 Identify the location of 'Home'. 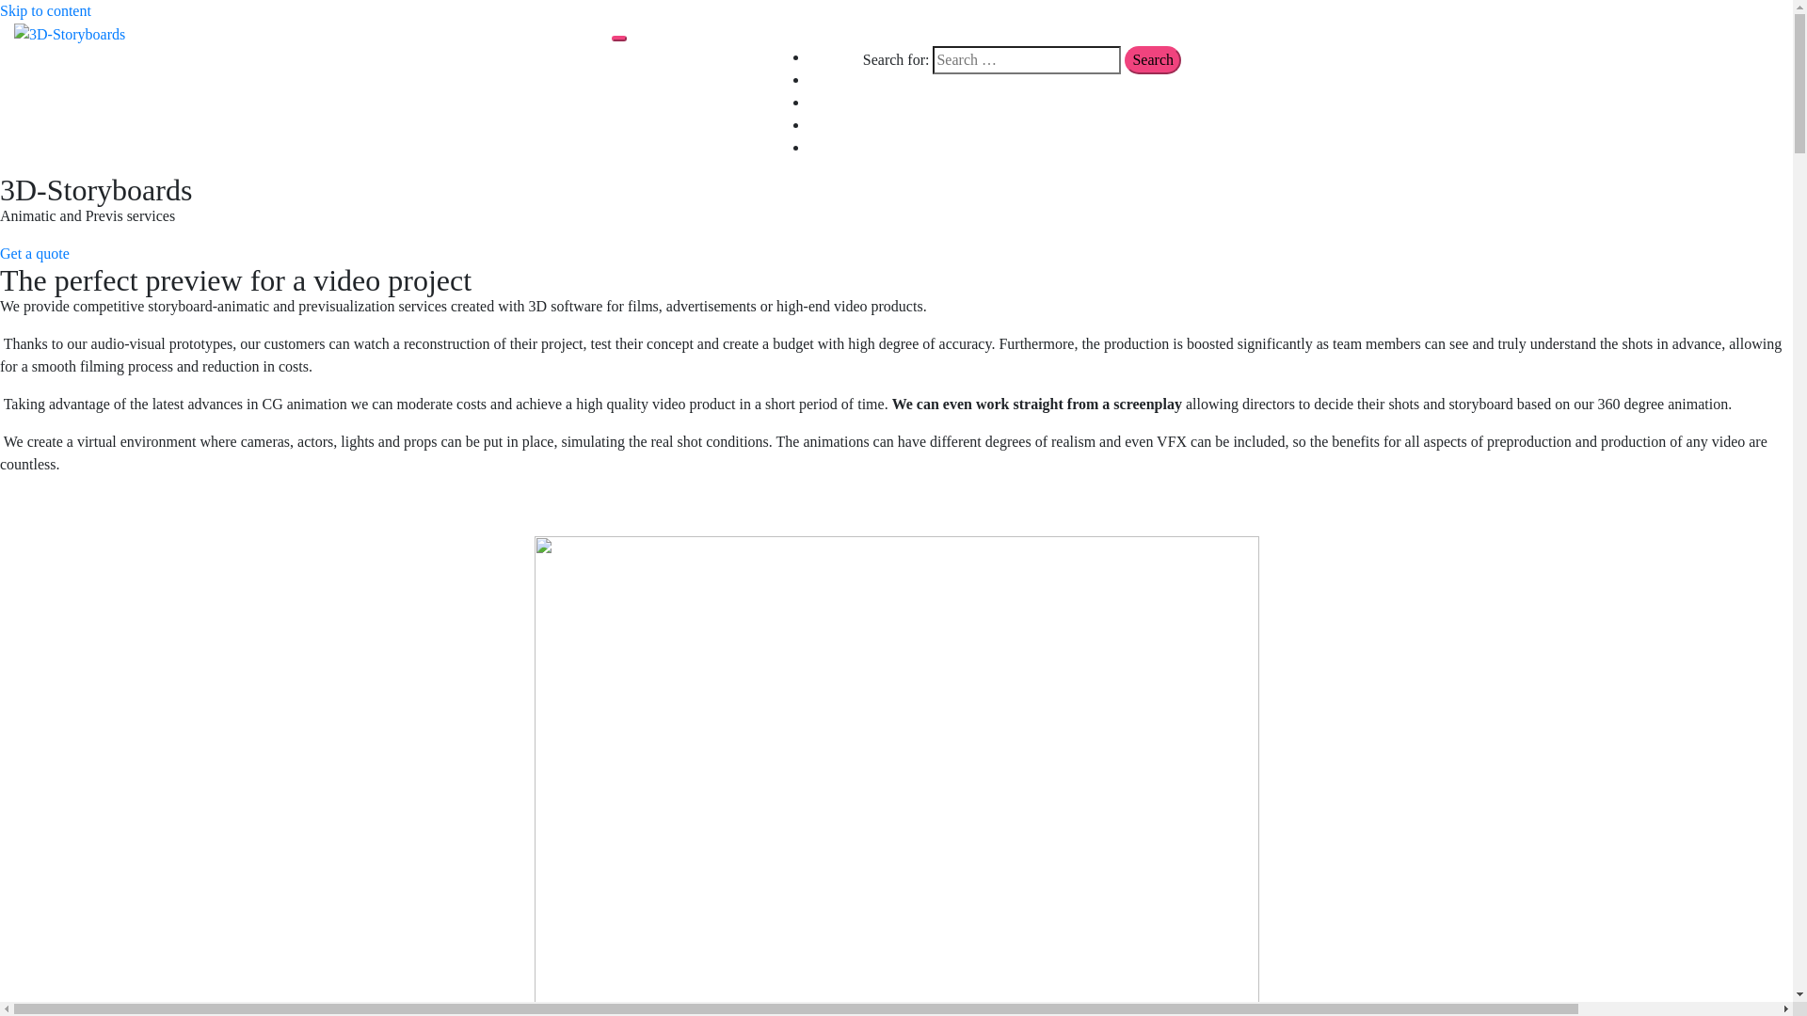
(808, 56).